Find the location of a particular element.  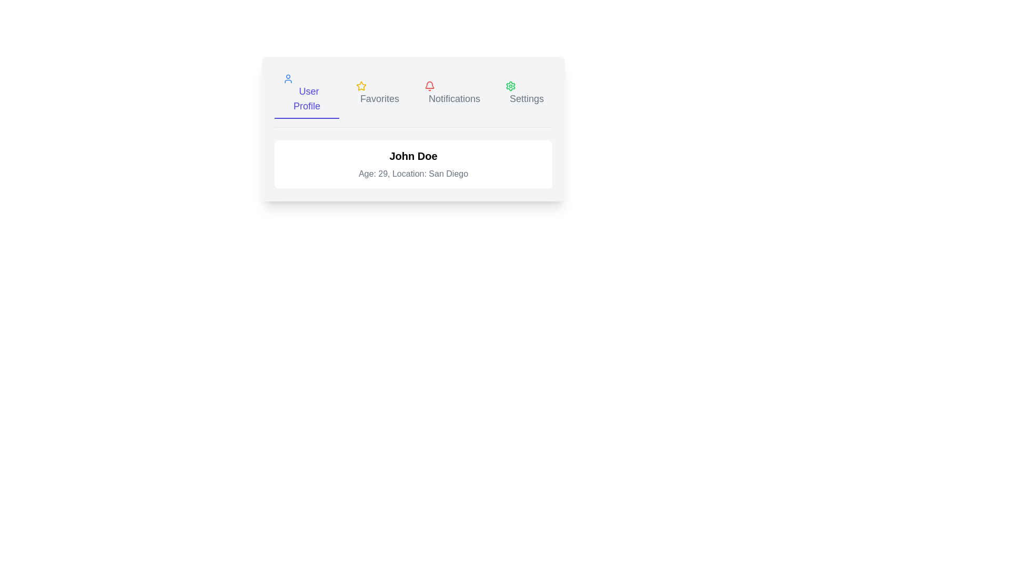

the settings button located on the rightmost side of the navigation bar is located at coordinates (524, 93).